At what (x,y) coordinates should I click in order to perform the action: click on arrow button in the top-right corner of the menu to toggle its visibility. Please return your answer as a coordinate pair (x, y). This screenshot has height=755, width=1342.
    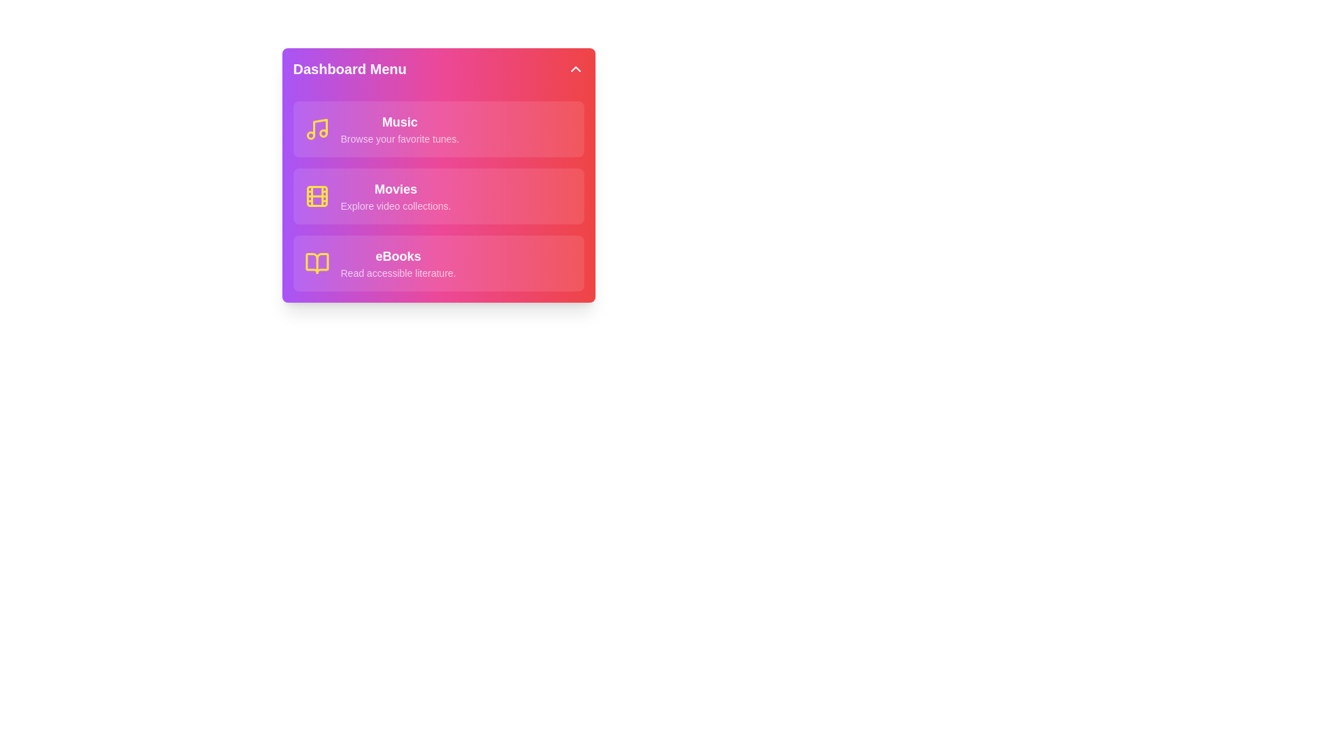
    Looking at the image, I should click on (575, 69).